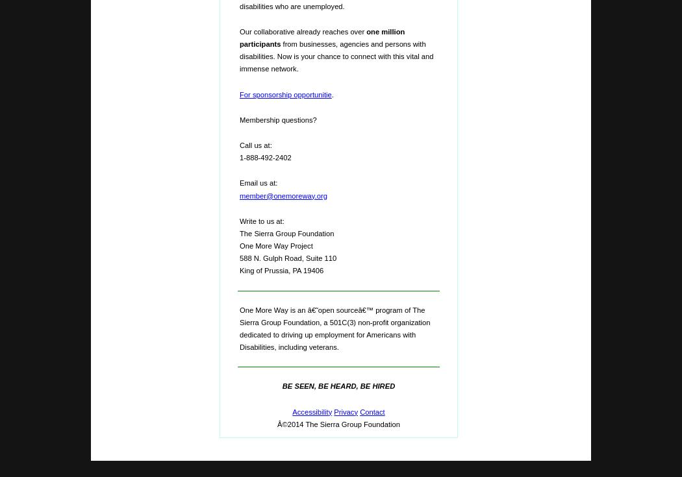 This screenshot has height=477, width=682. What do you see at coordinates (265, 156) in the screenshot?
I see `'1-888-492-2402'` at bounding box center [265, 156].